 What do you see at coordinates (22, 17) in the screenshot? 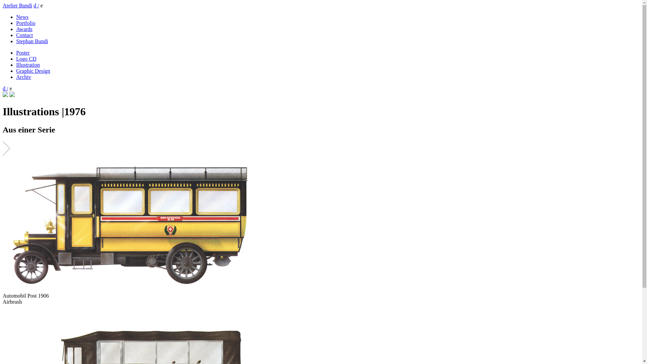
I see `'News'` at bounding box center [22, 17].